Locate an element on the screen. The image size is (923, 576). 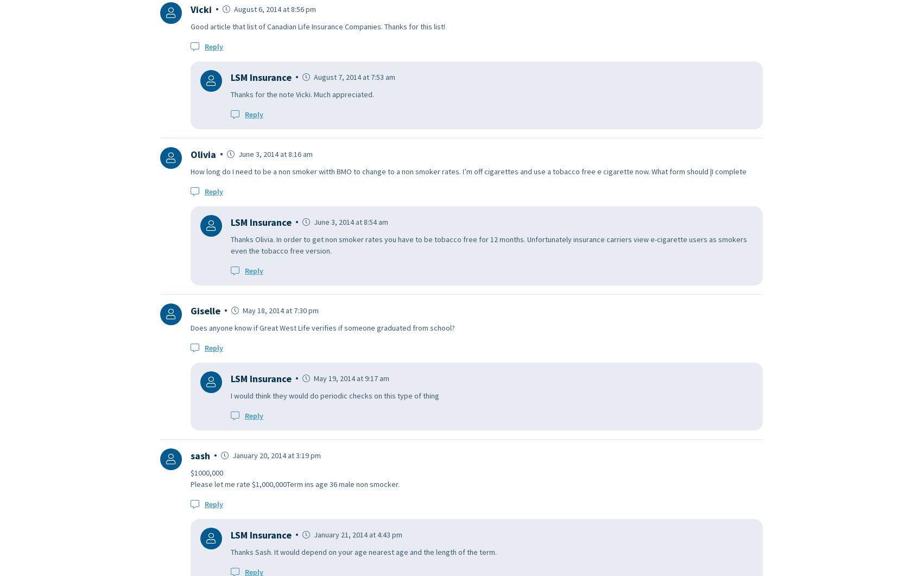
'January 20, 2014 at 3:19 pm' is located at coordinates (231, 454).